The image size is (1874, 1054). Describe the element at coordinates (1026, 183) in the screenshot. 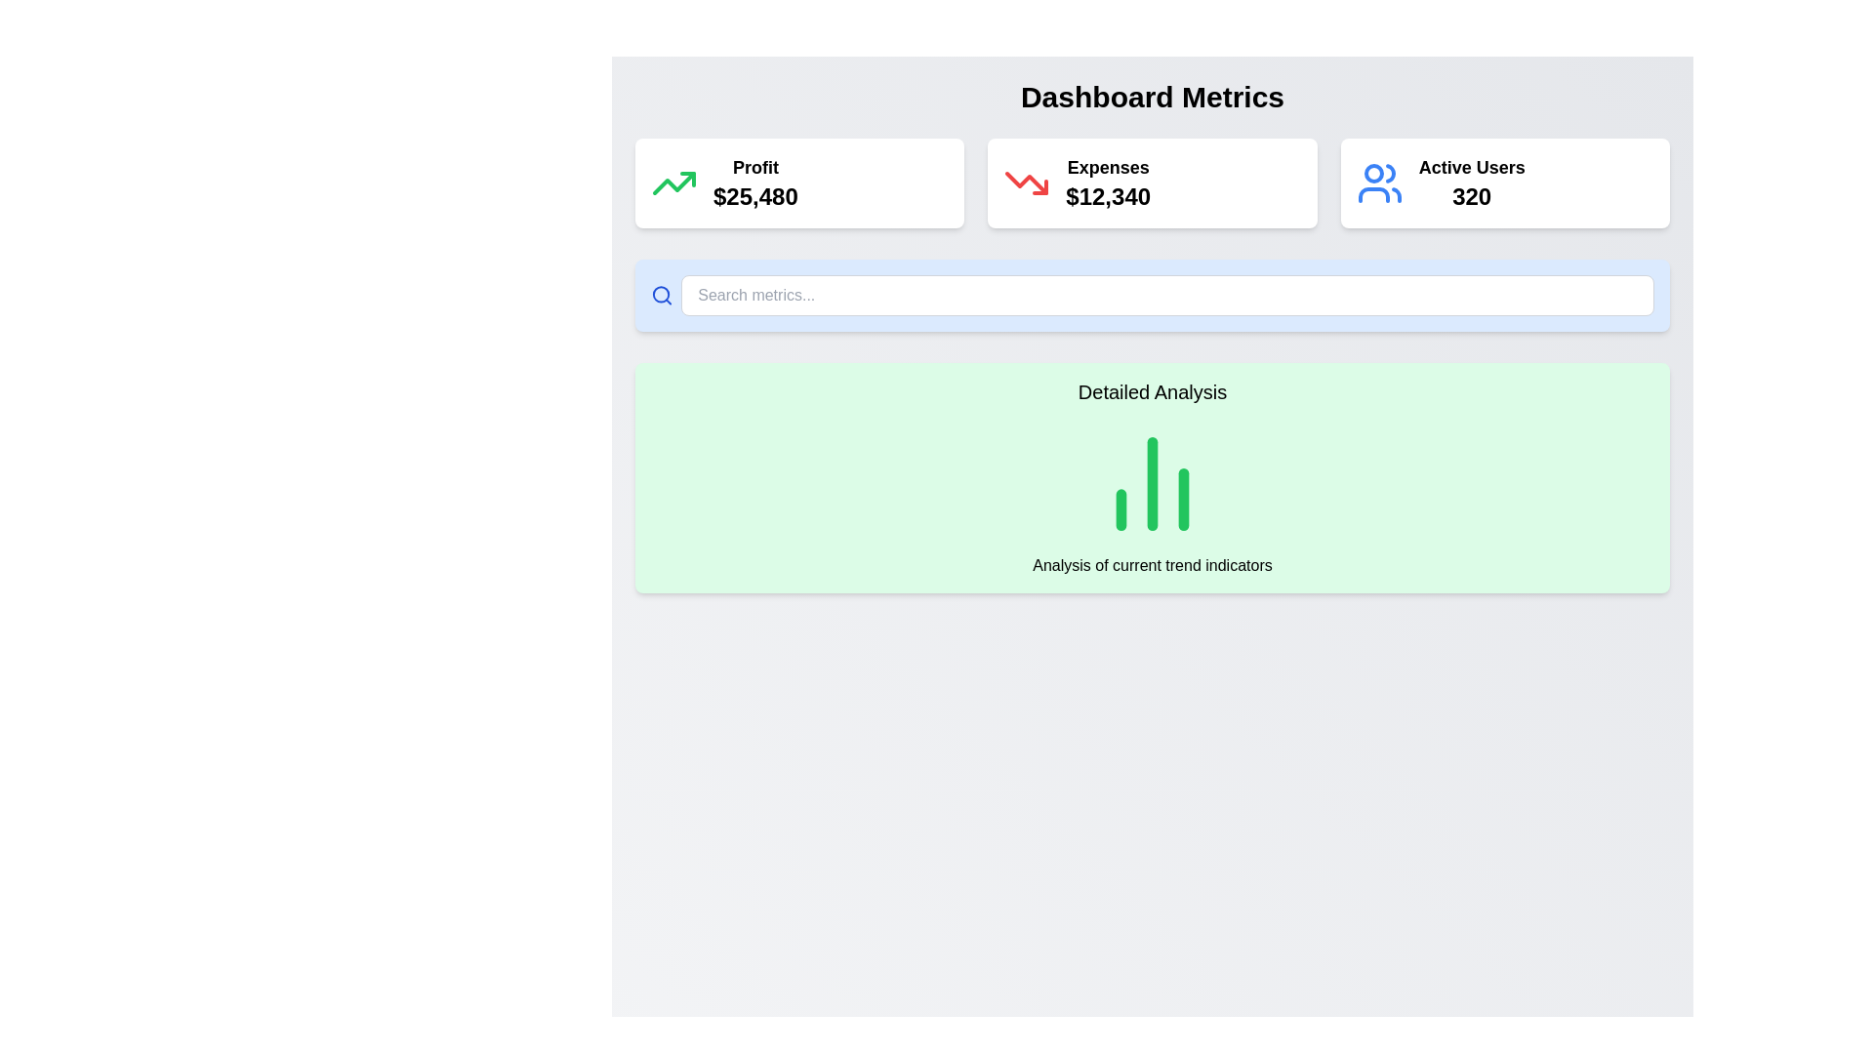

I see `the downward financial trend icon representing the 'Expenses' category, which is the leftmost component in the 'Expenses $12,340' card located in the middle of the top row of the dashboard` at that location.